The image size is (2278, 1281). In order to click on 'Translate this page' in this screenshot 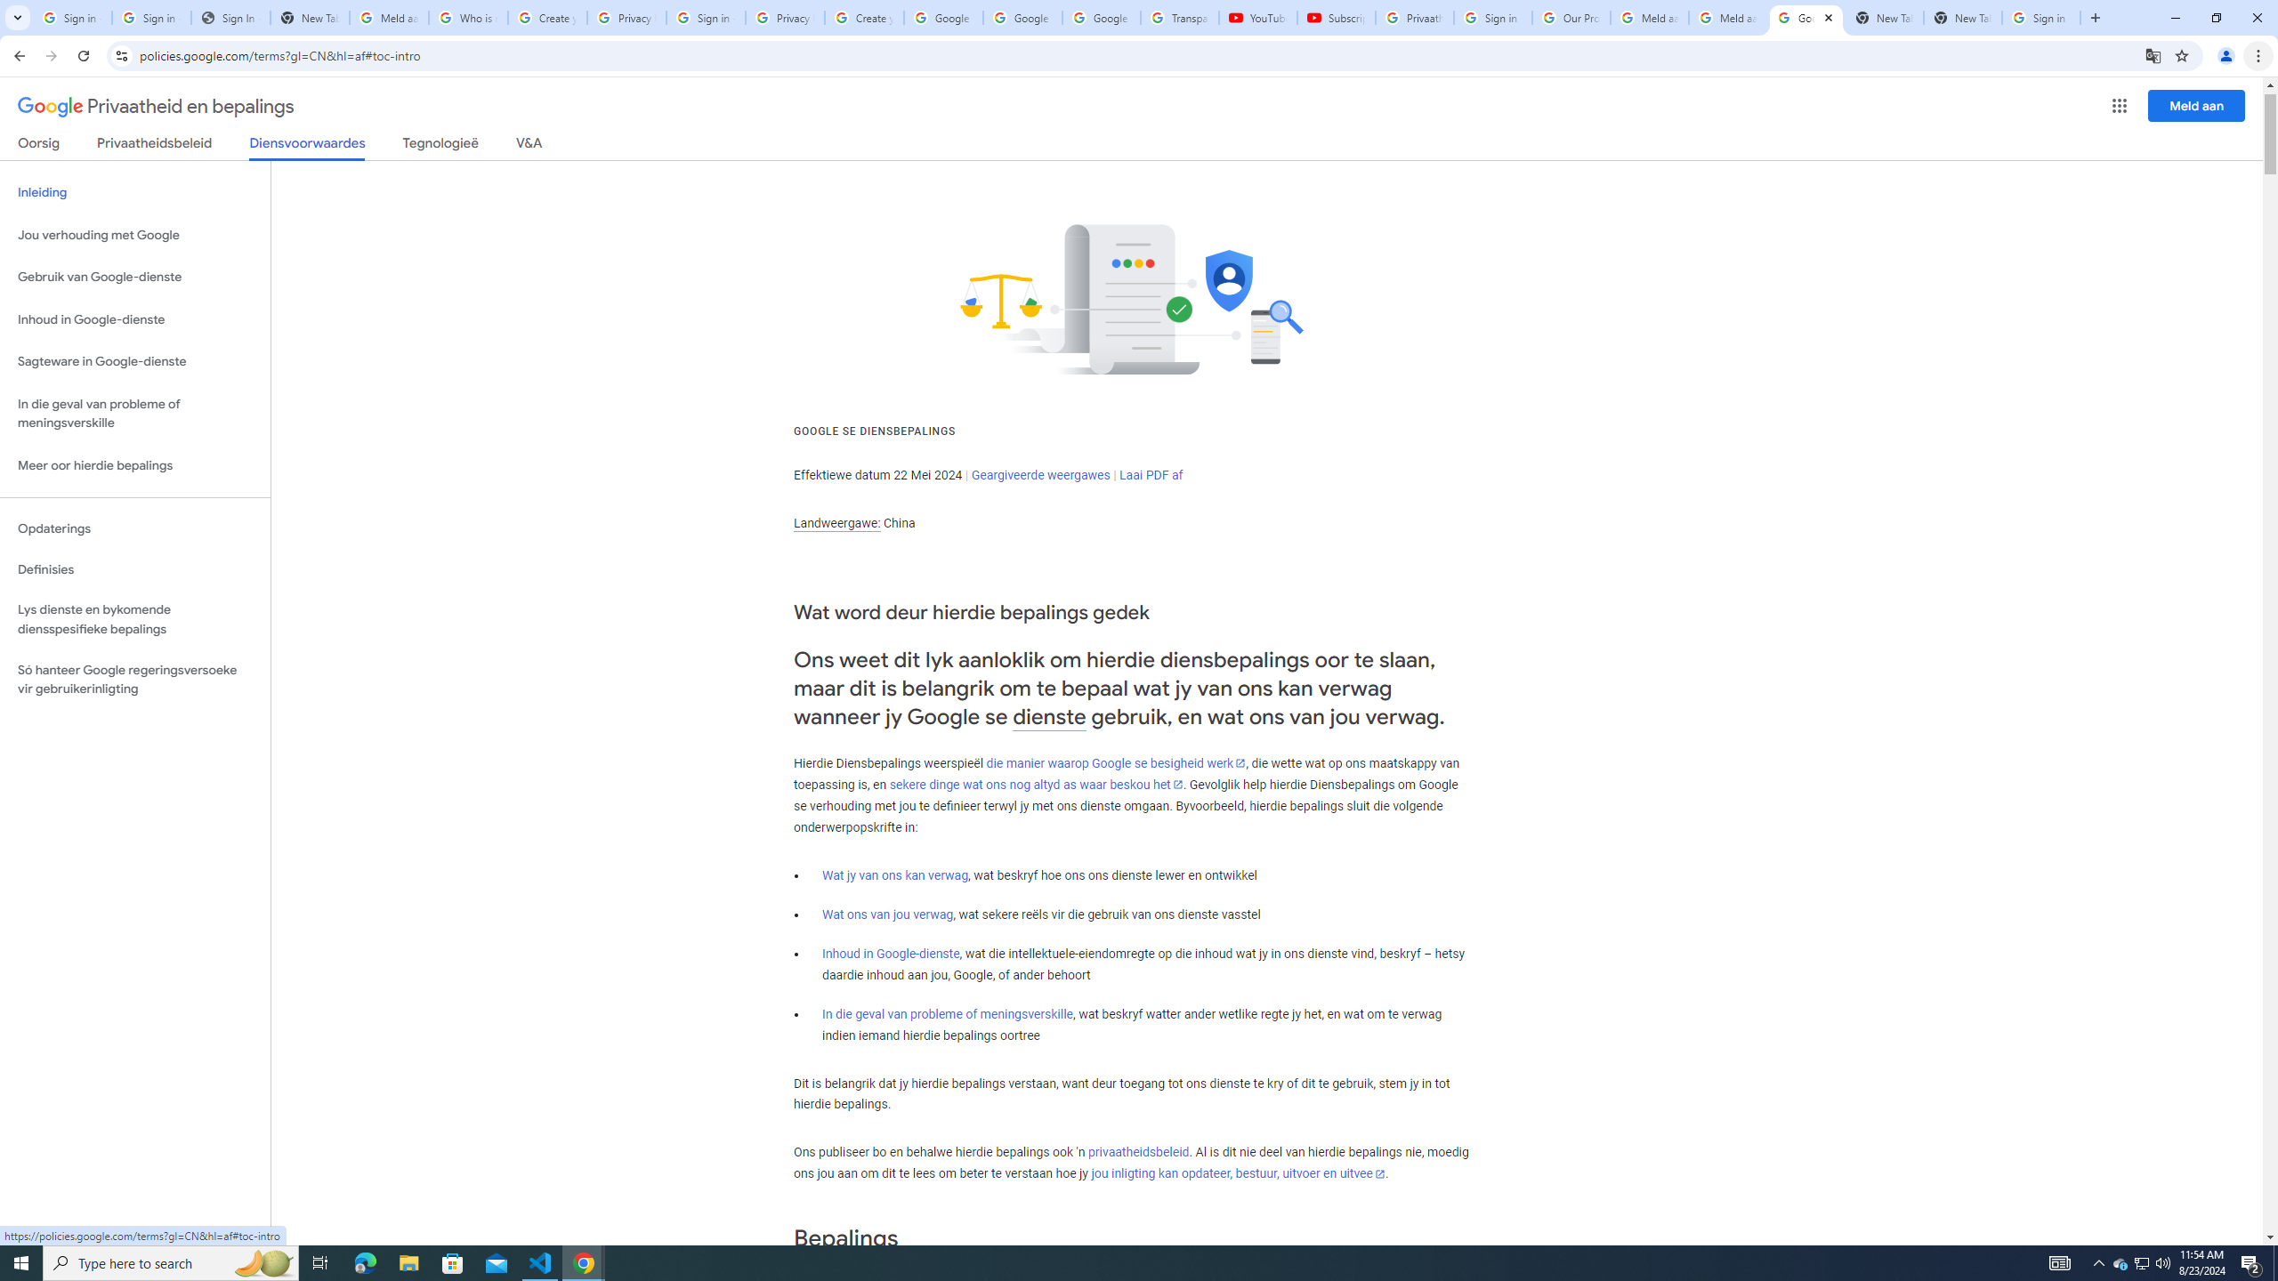, I will do `click(2153, 54)`.